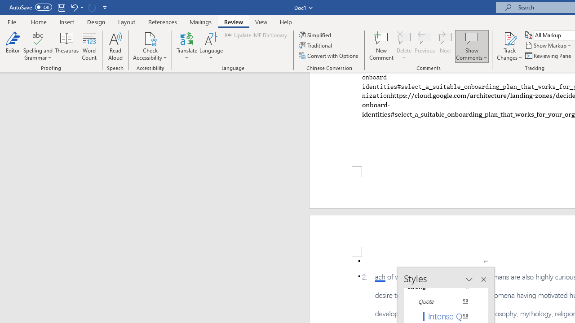 The width and height of the screenshot is (575, 323). I want to click on 'Translate', so click(186, 46).